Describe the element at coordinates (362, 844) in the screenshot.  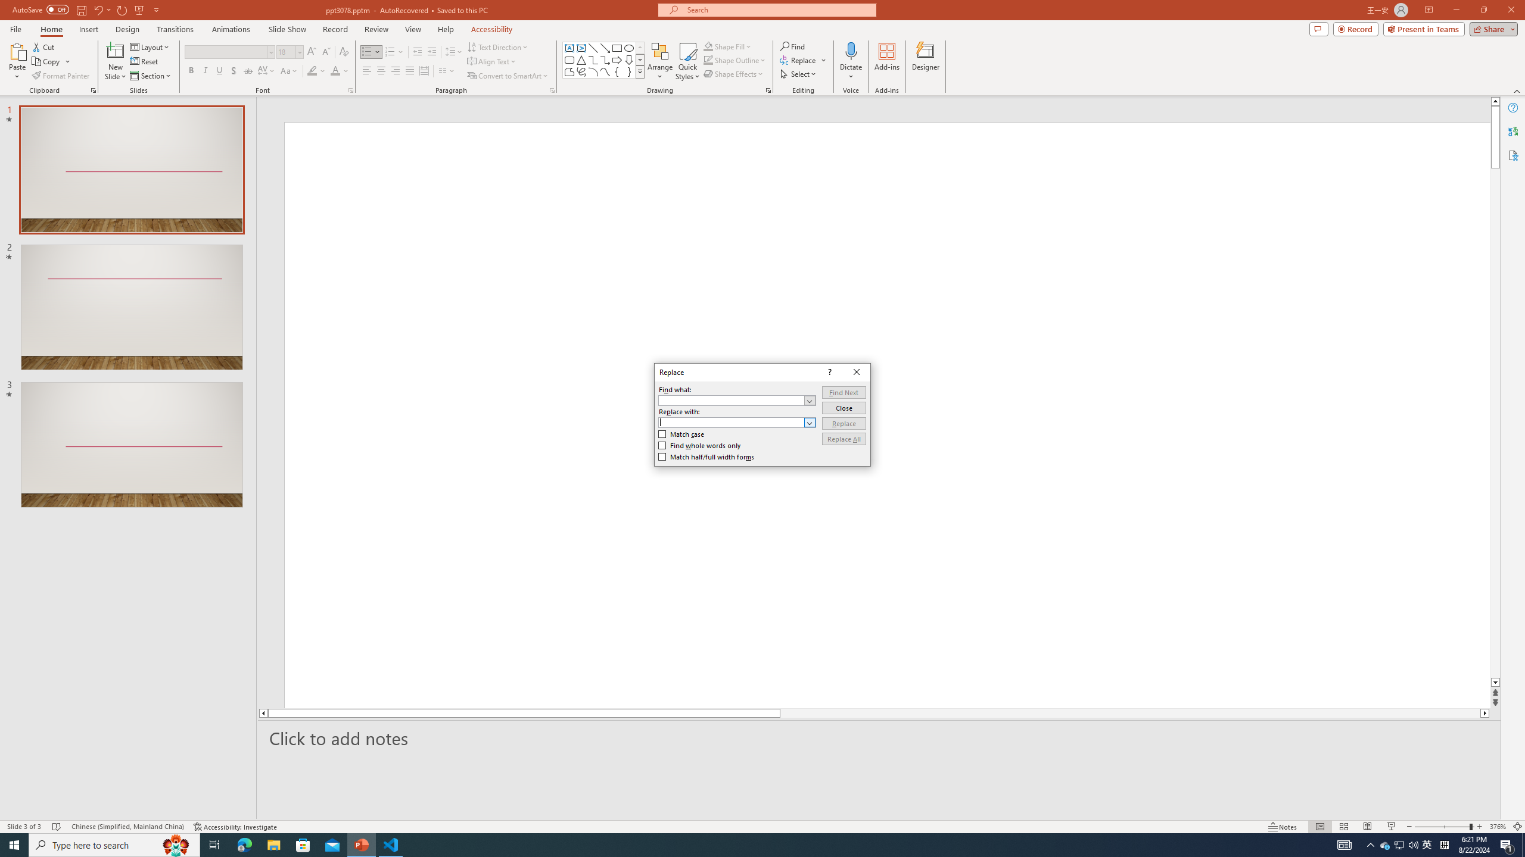
I see `'PowerPoint - 1 running window'` at that location.